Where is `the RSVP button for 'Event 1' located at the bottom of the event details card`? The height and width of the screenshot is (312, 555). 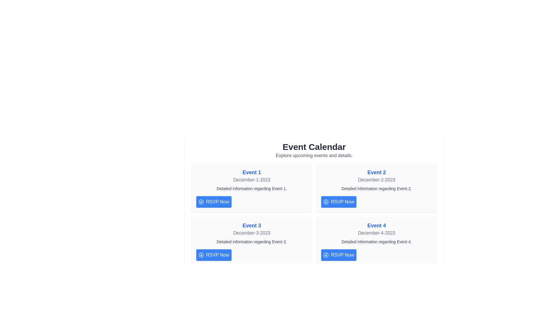 the RSVP button for 'Event 1' located at the bottom of the event details card is located at coordinates (213, 201).